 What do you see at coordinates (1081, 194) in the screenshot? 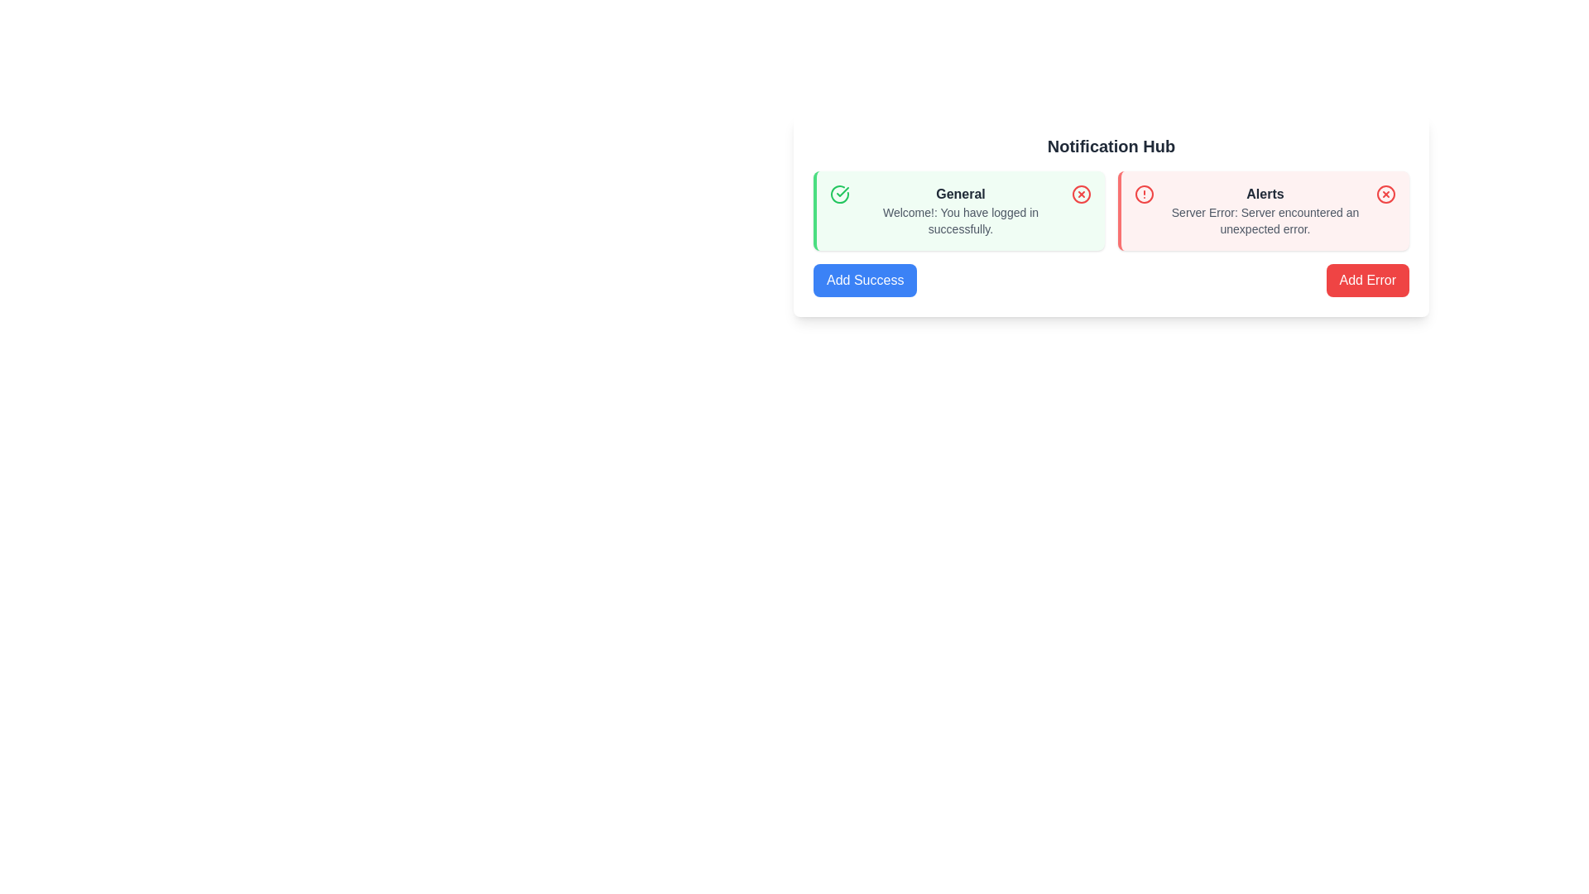
I see `the graphical indicator icon located at the center of the 'General' notification card, adjacent to the text block labeled 'General'` at bounding box center [1081, 194].